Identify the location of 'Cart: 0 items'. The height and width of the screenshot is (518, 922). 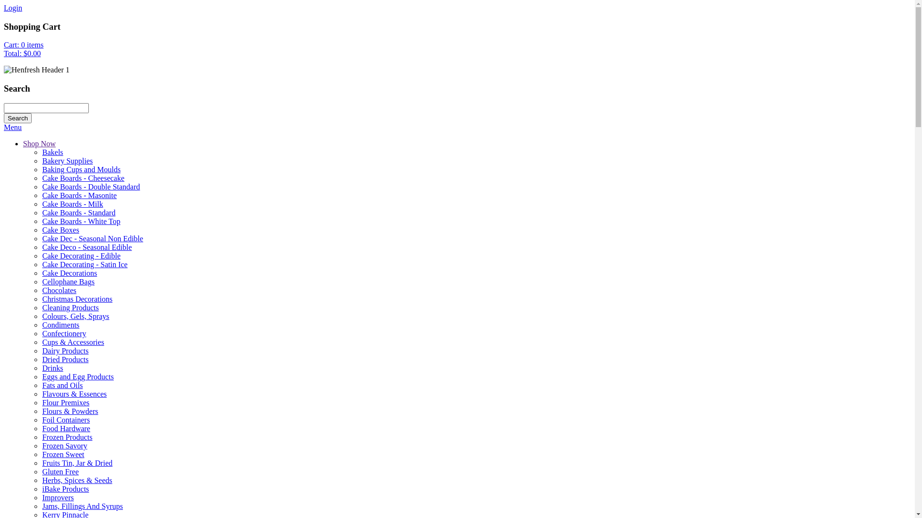
(24, 45).